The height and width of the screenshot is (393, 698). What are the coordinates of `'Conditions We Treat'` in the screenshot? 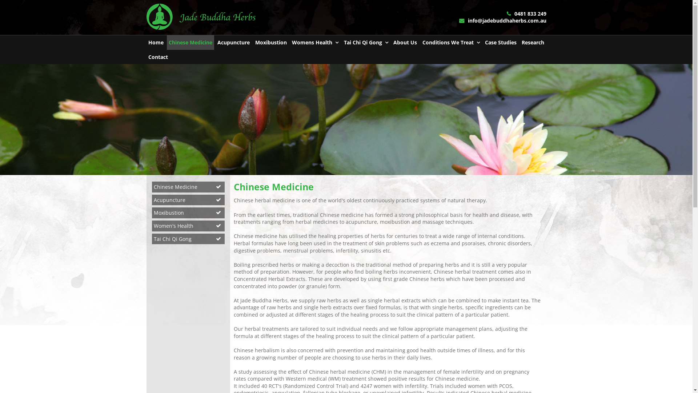 It's located at (451, 42).